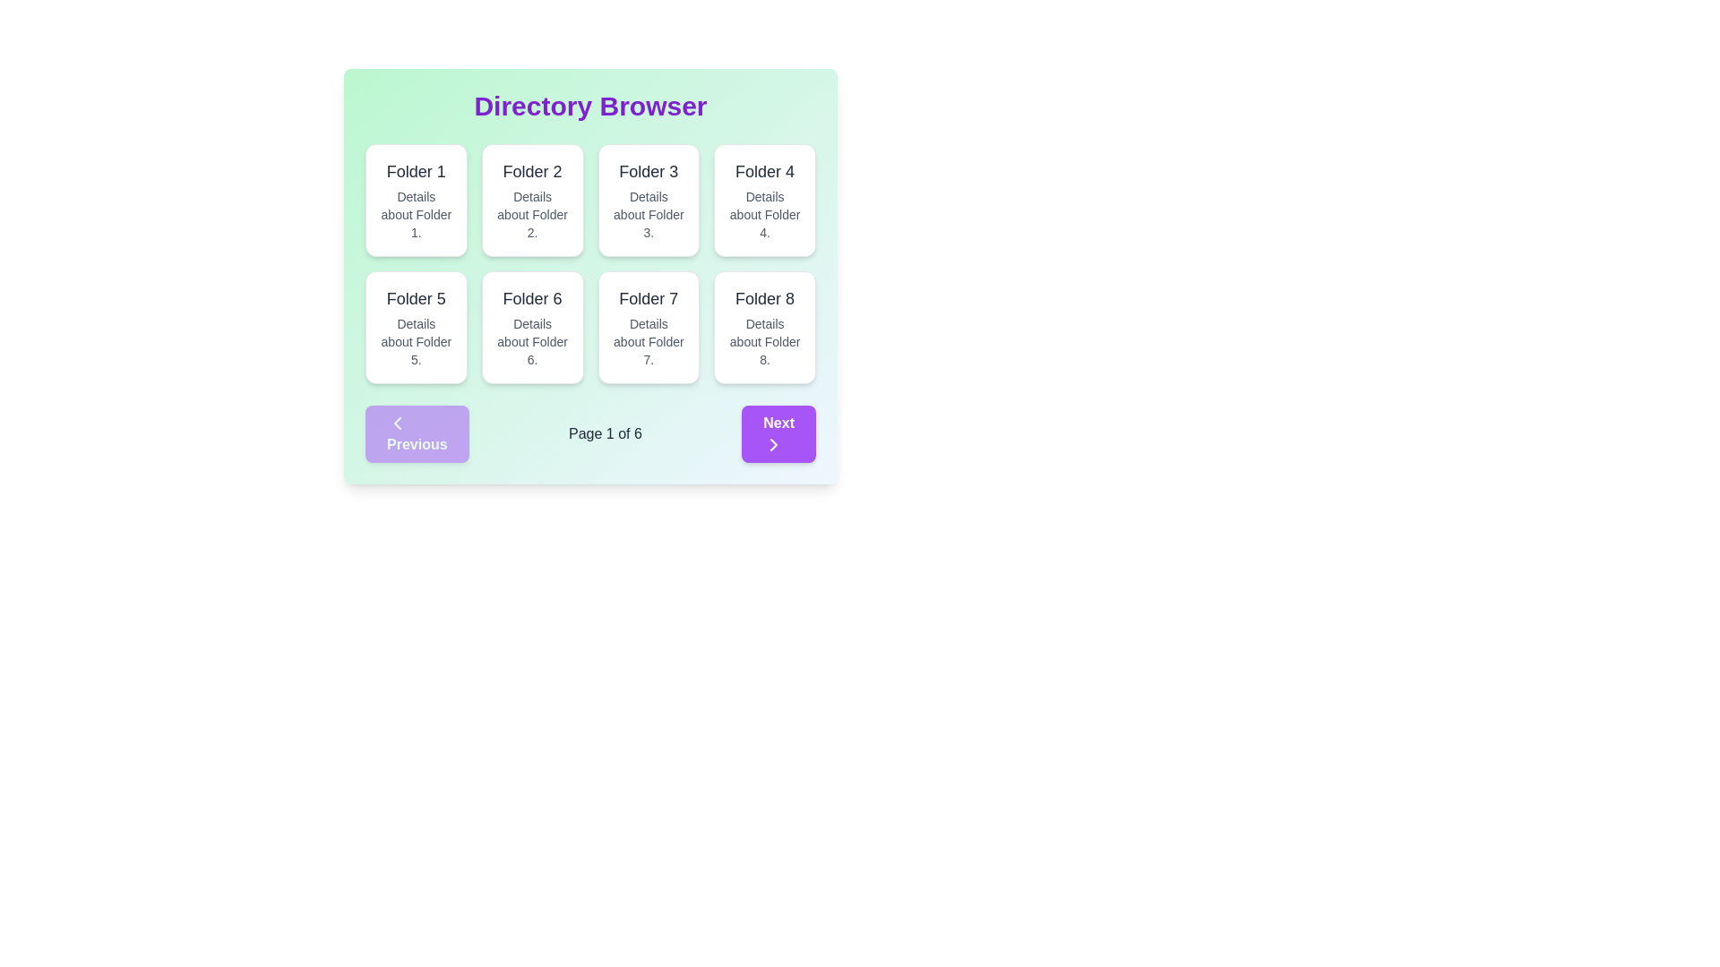  I want to click on the folder representation card that is the second item in the first row of the grid layout, so click(531, 200).